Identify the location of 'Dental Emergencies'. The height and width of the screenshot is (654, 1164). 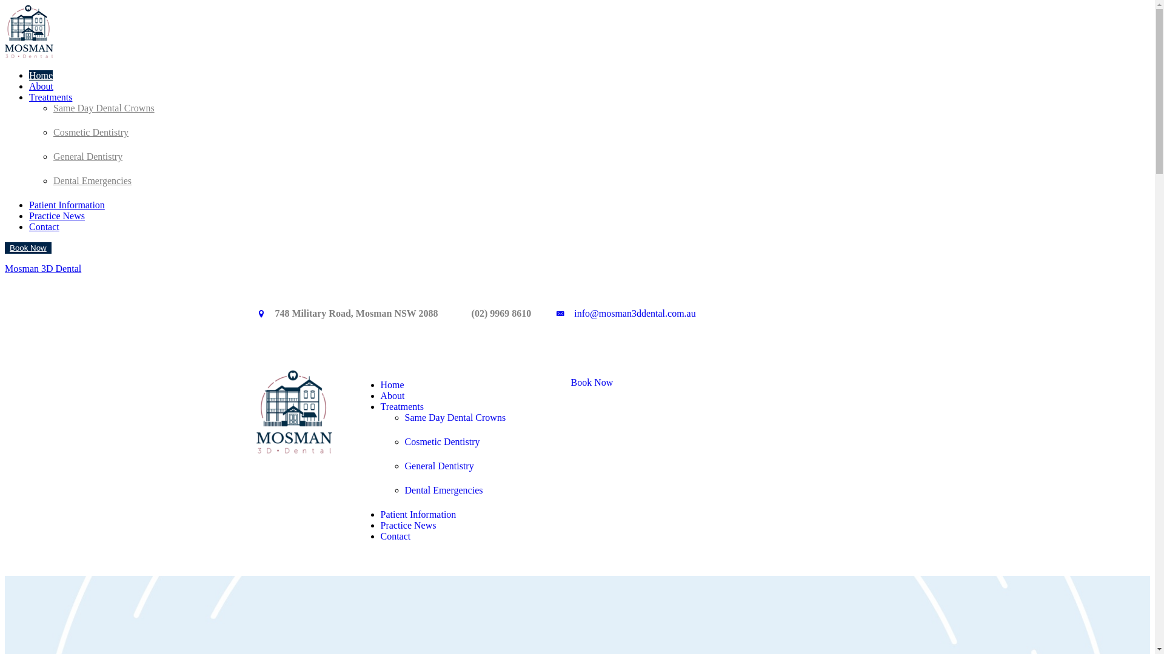
(52, 180).